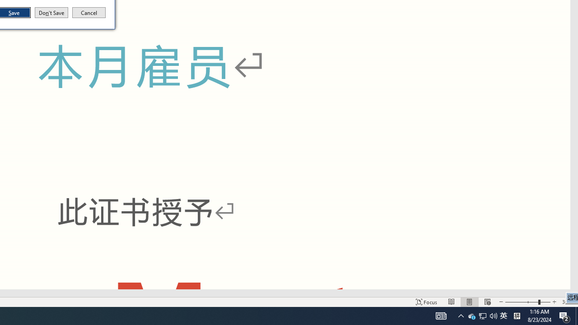  What do you see at coordinates (576, 315) in the screenshot?
I see `'Show desktop'` at bounding box center [576, 315].